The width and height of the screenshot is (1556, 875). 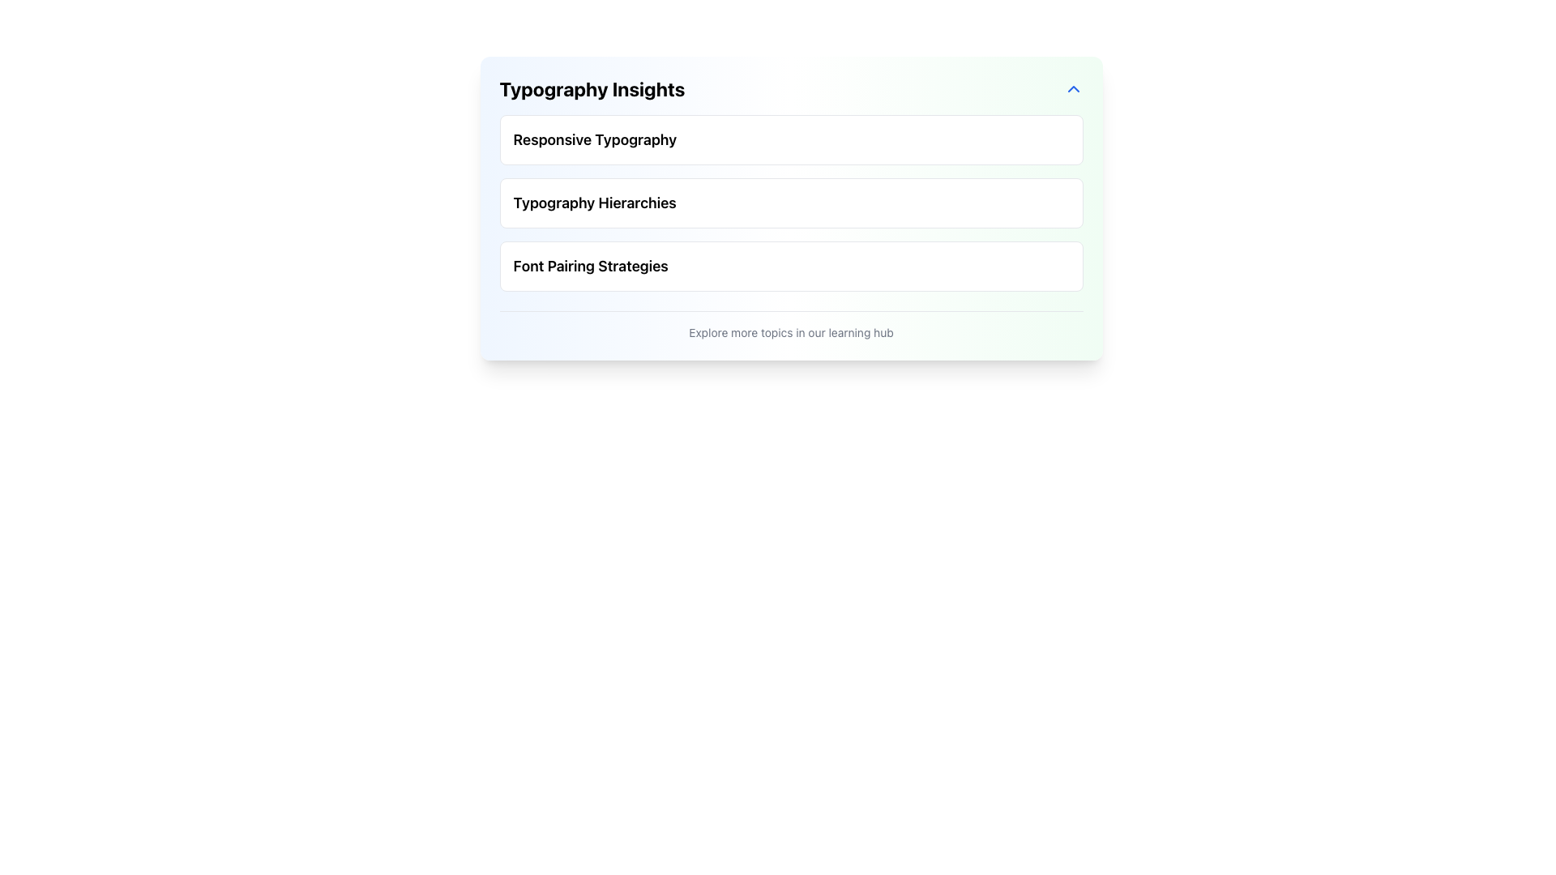 What do you see at coordinates (1073, 89) in the screenshot?
I see `the button located at the far right of the 'Typography Insights' header` at bounding box center [1073, 89].